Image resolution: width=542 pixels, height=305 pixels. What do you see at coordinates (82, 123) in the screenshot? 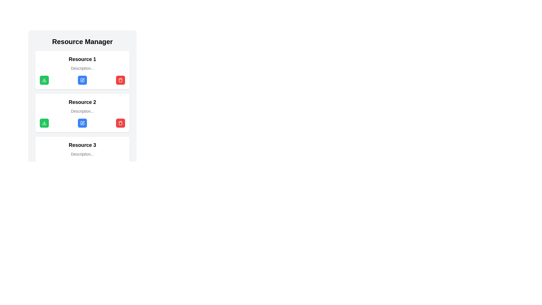
I see `the blue edit button with a pen icon located in the second row titled 'Resource 2'` at bounding box center [82, 123].